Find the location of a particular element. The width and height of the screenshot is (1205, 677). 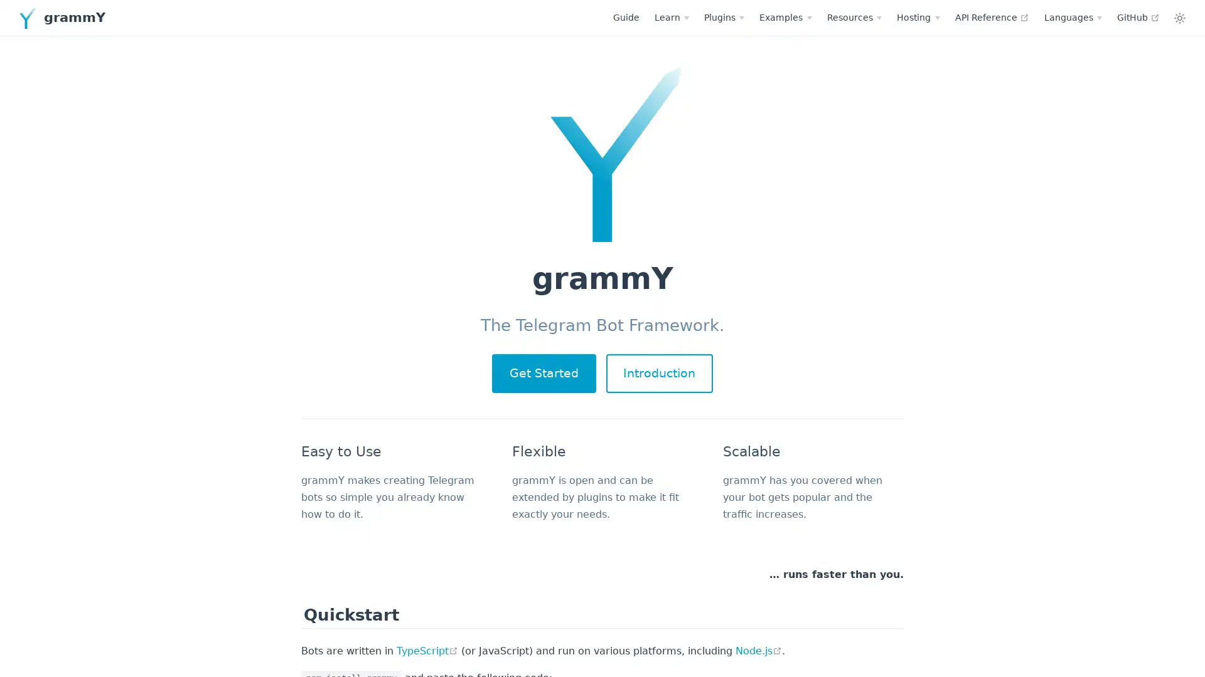

toggle dark mode is located at coordinates (1068, 17).